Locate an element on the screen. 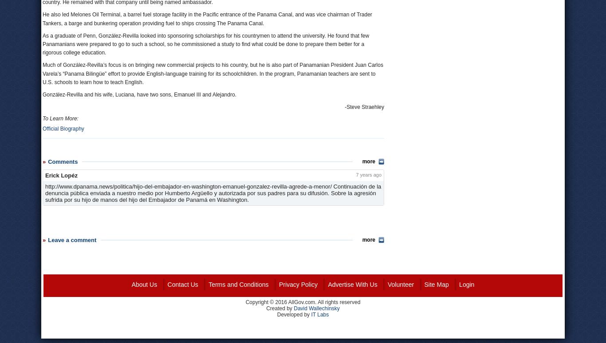 This screenshot has height=343, width=606. '-Steve Straehley' is located at coordinates (364, 107).